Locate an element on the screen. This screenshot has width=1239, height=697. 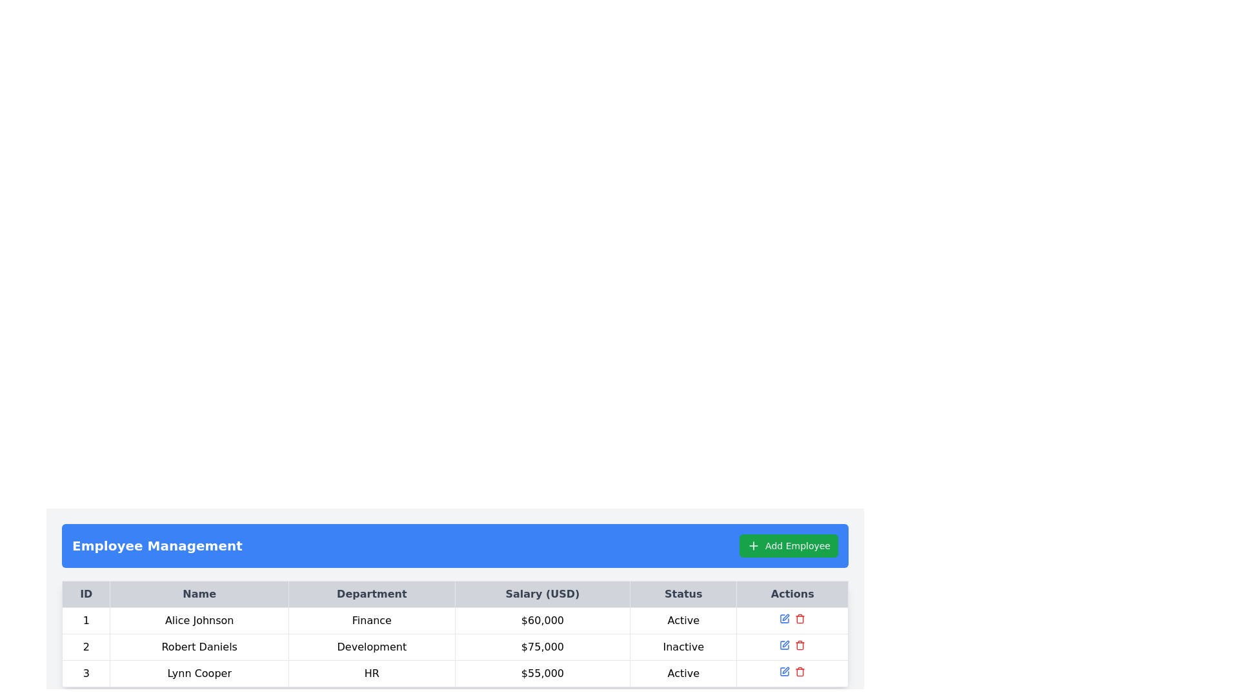
the blue square edit icon located in the 'Actions' column of the table to observe the color change effect is located at coordinates (784, 645).